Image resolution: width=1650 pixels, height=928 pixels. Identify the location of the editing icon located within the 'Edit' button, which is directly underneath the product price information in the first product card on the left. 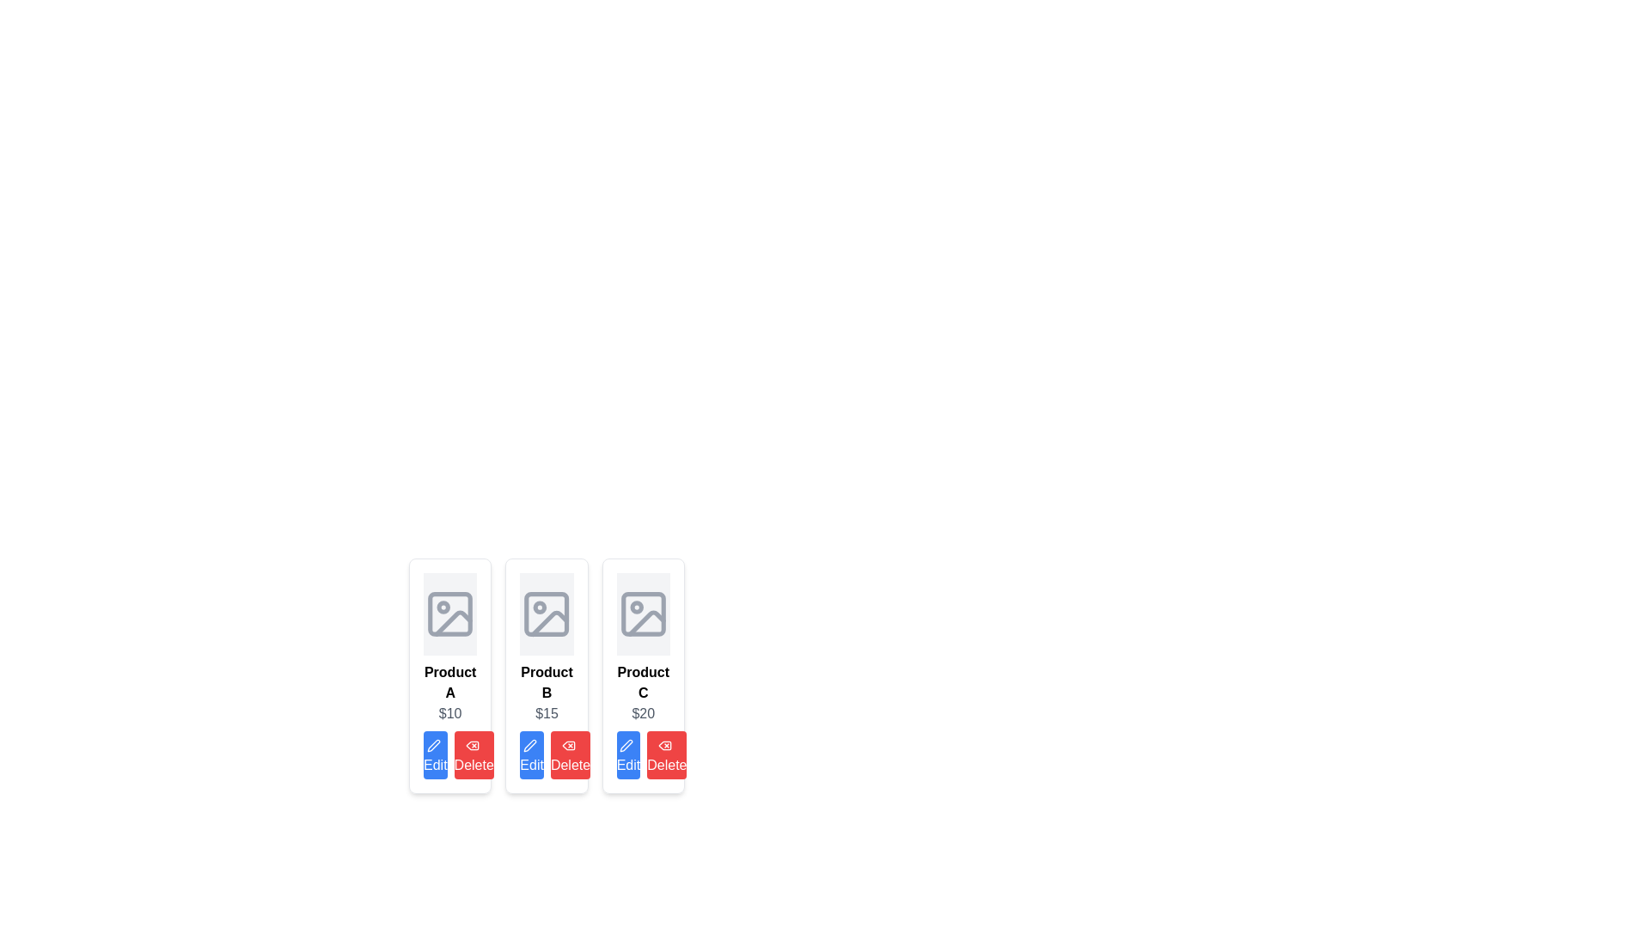
(433, 744).